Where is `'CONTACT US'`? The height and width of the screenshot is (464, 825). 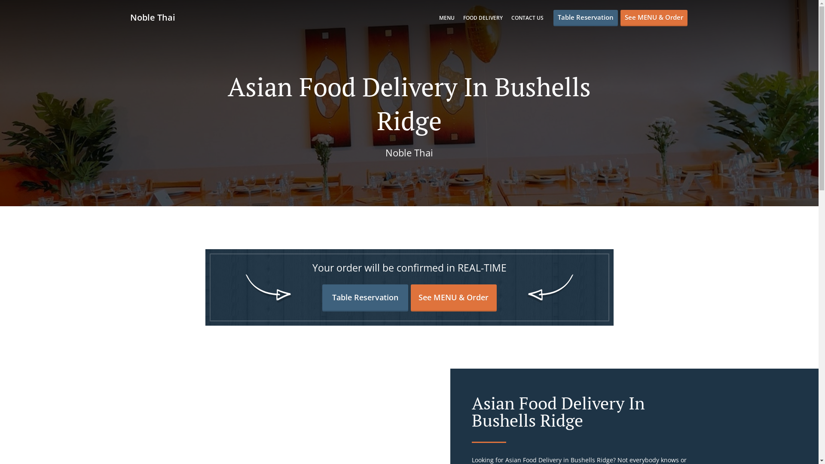 'CONTACT US' is located at coordinates (527, 18).